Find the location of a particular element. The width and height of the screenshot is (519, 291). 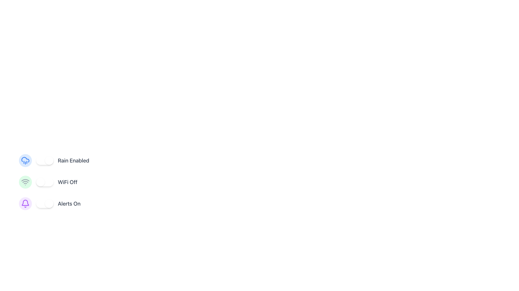

the static text label that indicates the 'WiFi Off' state, which is positioned to the far right of the toggle switch in the second control group of a vertical stack is located at coordinates (67, 182).